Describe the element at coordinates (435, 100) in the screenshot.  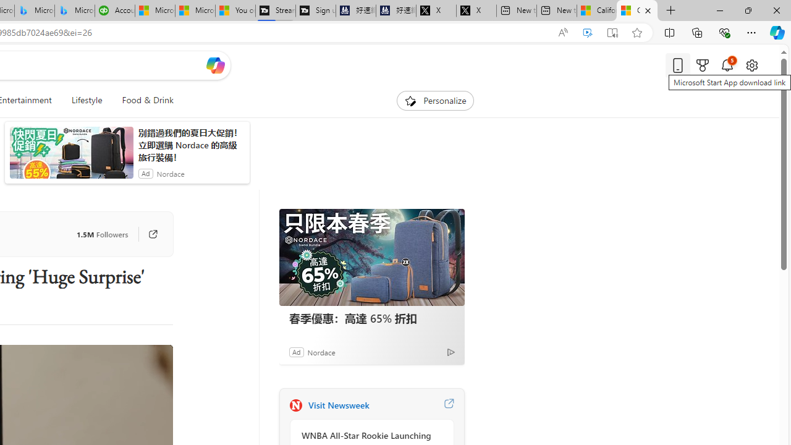
I see `'Personalize'` at that location.